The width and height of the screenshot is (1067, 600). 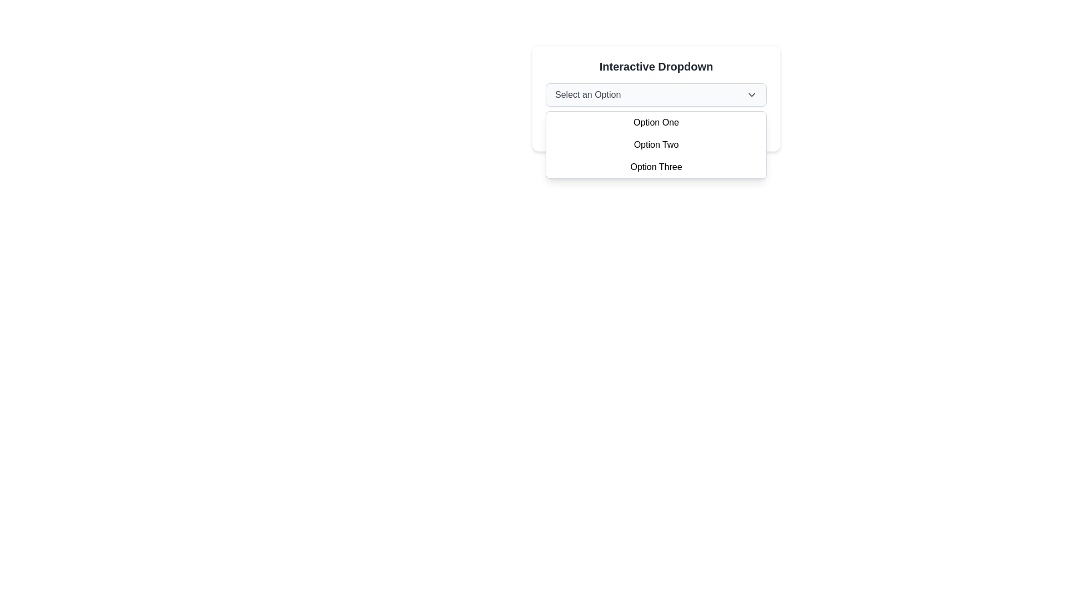 What do you see at coordinates (656, 126) in the screenshot?
I see `informational message box that displays the text 'You selected: Select an Option' with a green-tinted background located at the bottom of the dropdown component` at bounding box center [656, 126].